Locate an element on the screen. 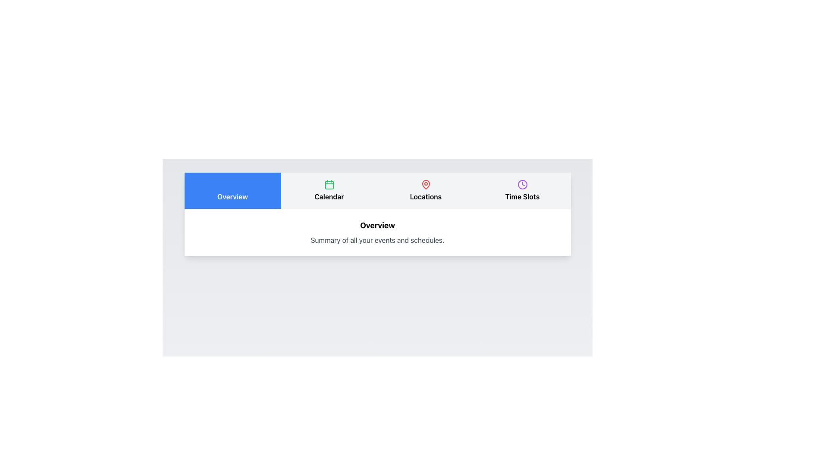 The height and width of the screenshot is (465, 828). the calendar icon in the horizontal menu bar is located at coordinates (329, 184).